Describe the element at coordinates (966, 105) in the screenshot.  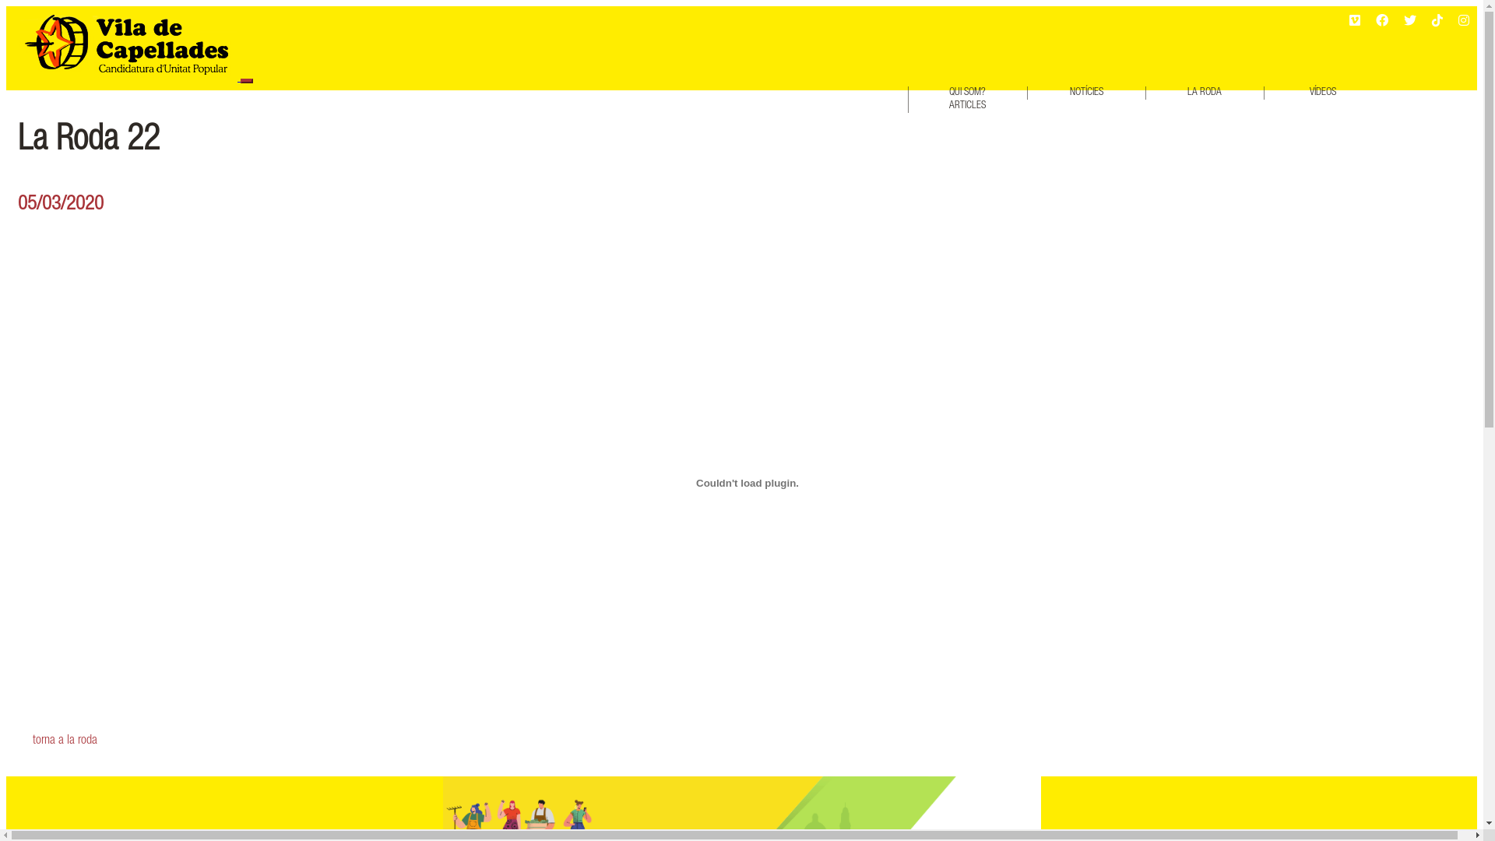
I see `'ARTICLES'` at that location.